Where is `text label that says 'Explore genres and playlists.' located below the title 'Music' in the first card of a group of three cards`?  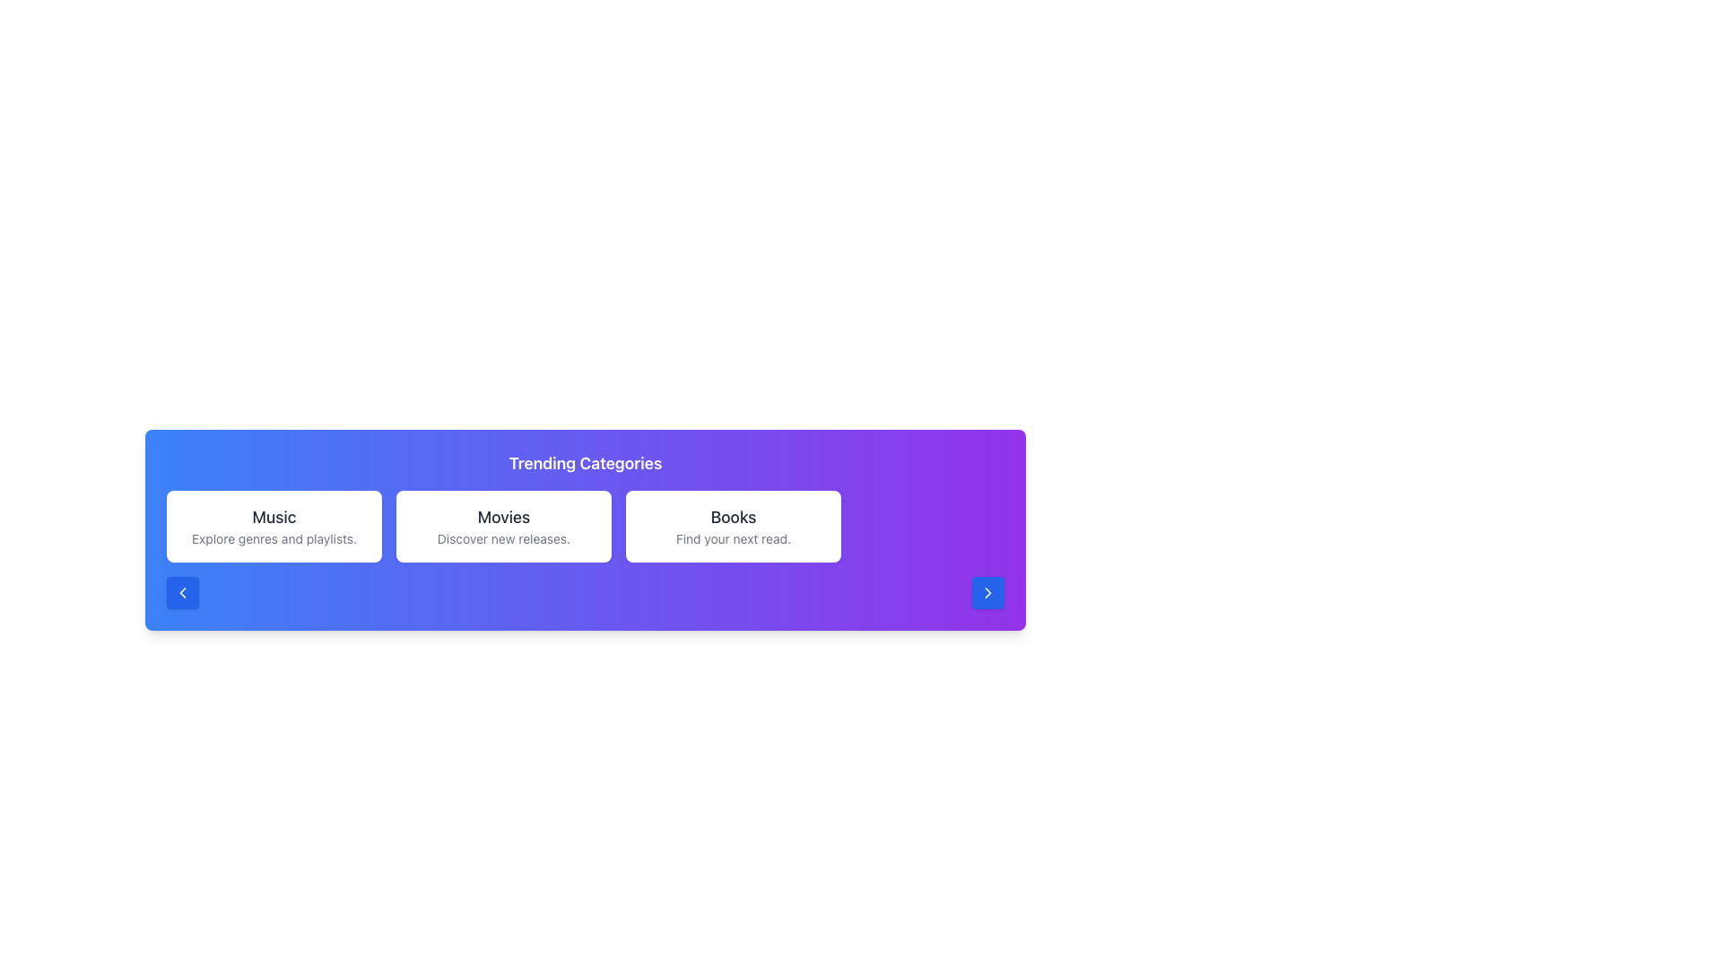 text label that says 'Explore genres and playlists.' located below the title 'Music' in the first card of a group of three cards is located at coordinates (274, 538).